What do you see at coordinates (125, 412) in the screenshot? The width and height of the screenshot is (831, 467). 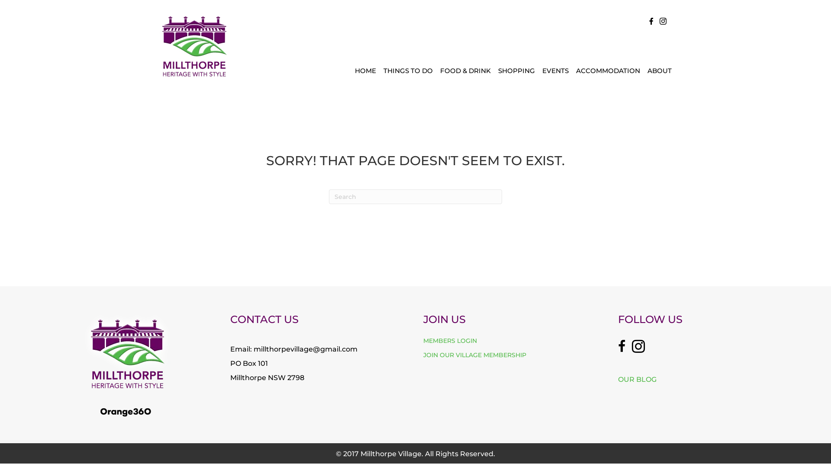 I see `'logo-header'` at bounding box center [125, 412].